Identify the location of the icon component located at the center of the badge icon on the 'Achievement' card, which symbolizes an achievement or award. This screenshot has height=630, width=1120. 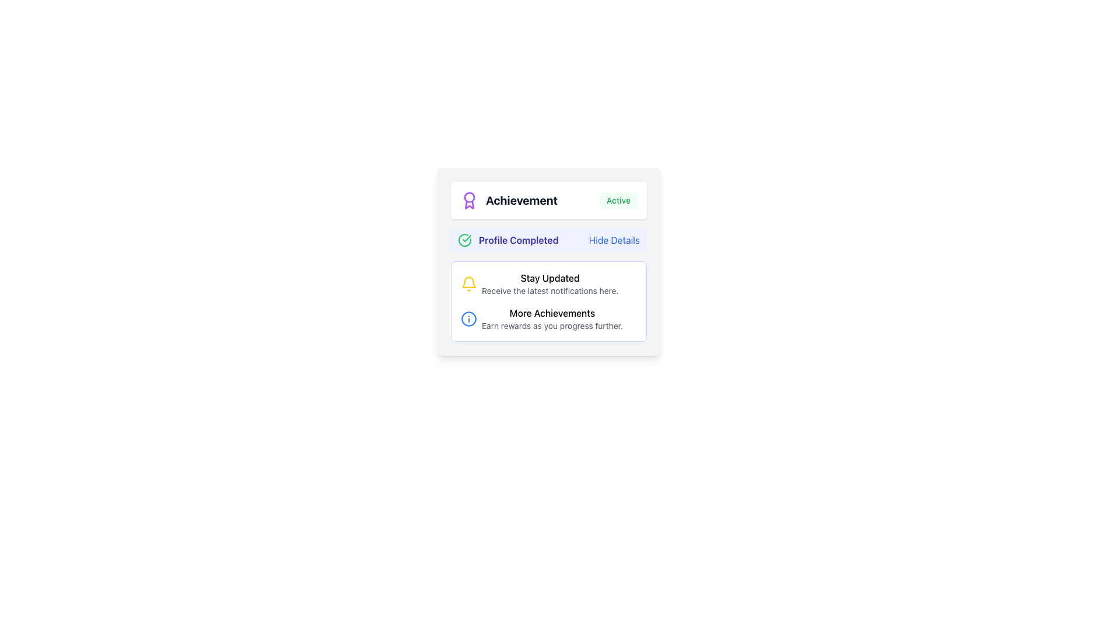
(470, 197).